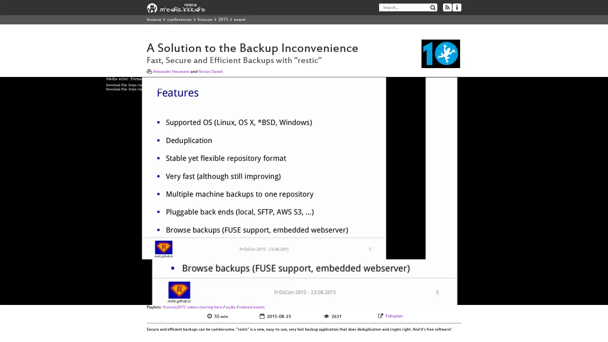 The height and width of the screenshot is (342, 608). What do you see at coordinates (109, 298) in the screenshot?
I see `Skip back 15 seconds` at bounding box center [109, 298].